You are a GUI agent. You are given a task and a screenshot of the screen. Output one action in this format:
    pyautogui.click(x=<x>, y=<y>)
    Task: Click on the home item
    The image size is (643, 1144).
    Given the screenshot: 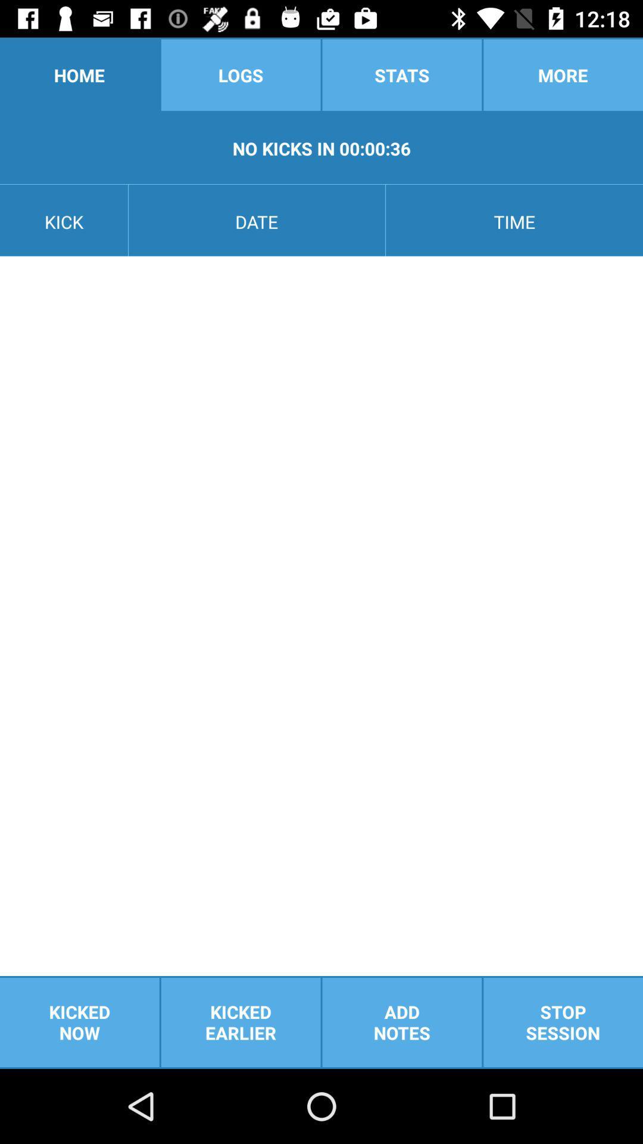 What is the action you would take?
    pyautogui.click(x=79, y=74)
    